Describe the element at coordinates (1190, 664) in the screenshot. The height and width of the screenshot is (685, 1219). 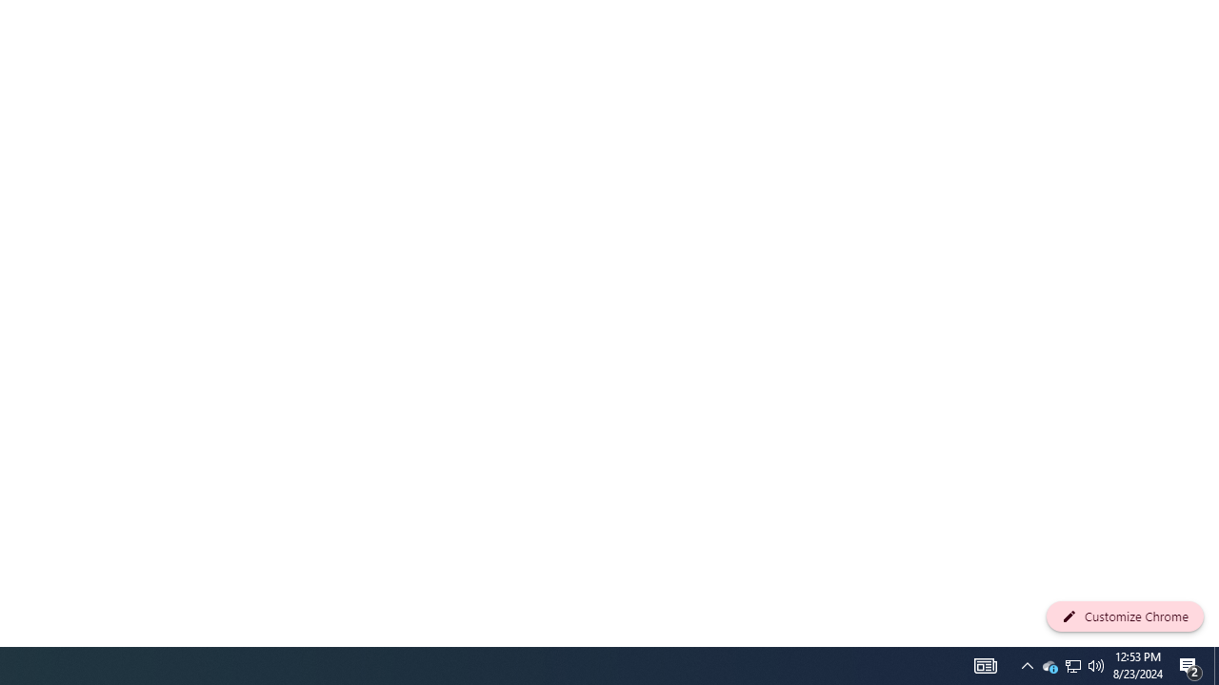
I see `'Show desktop'` at that location.